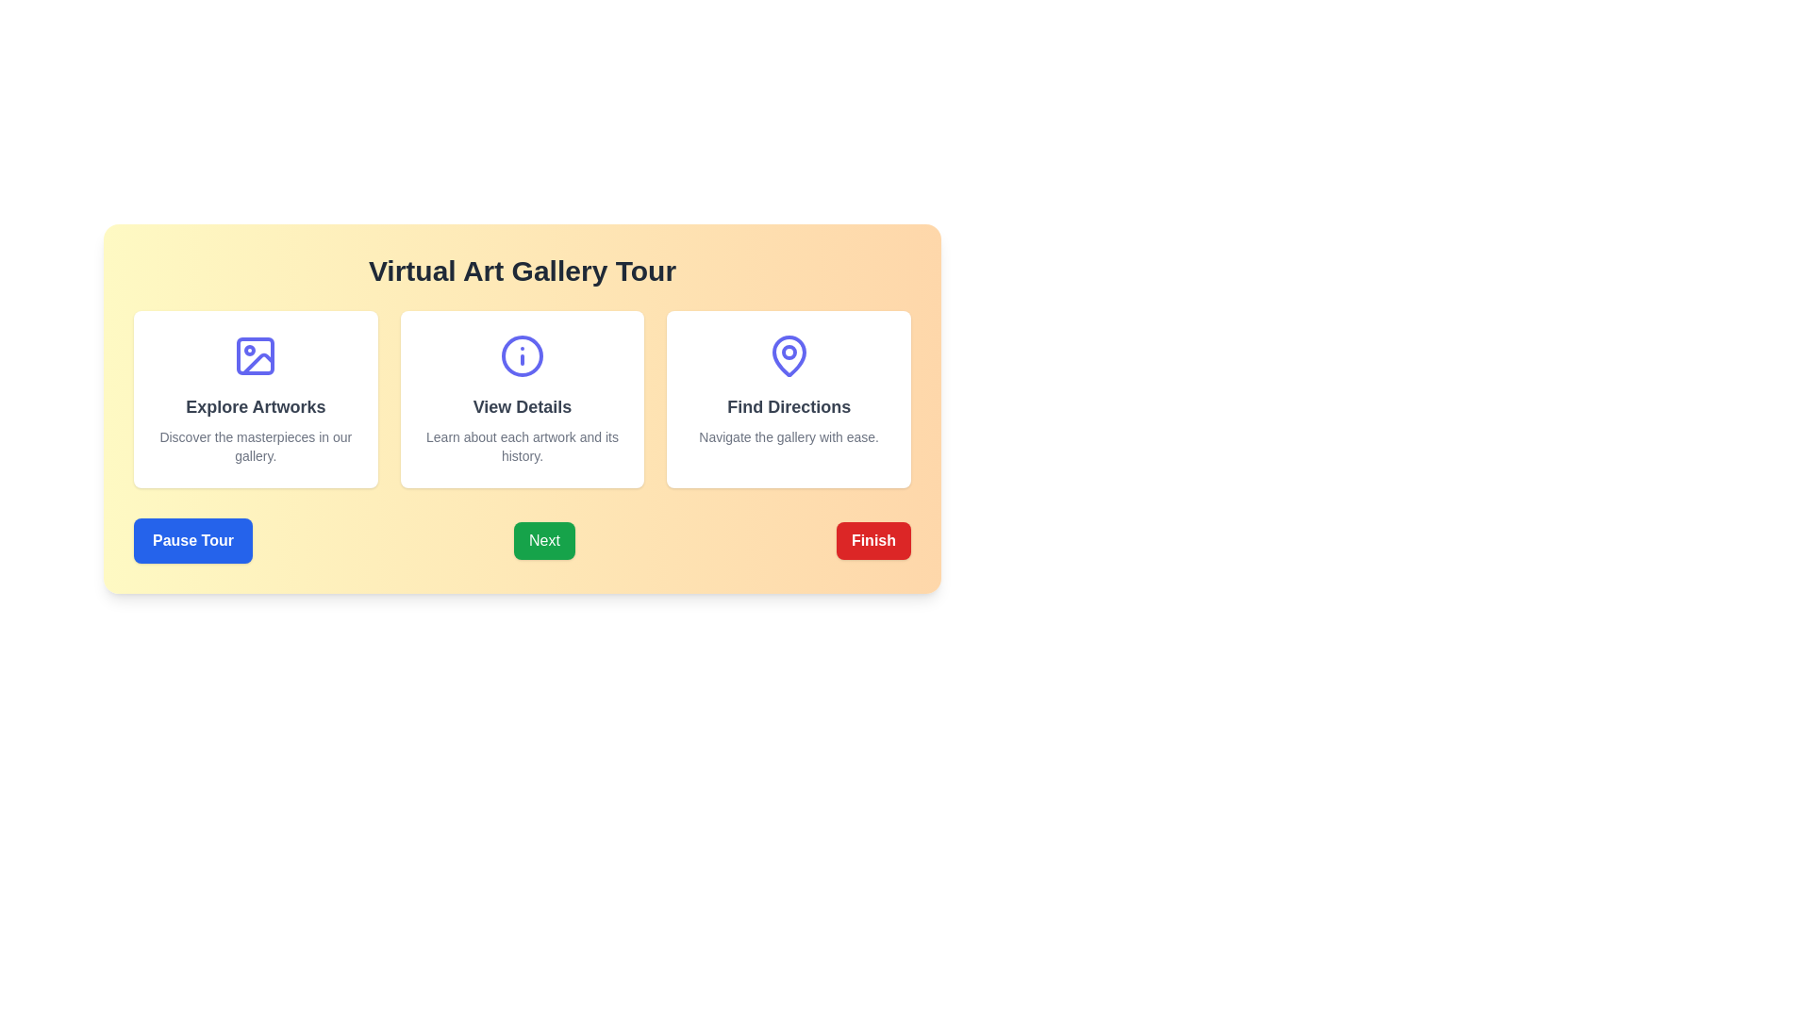 This screenshot has width=1811, height=1018. What do you see at coordinates (522, 541) in the screenshot?
I see `the 'Next' button, which is a green button with white text` at bounding box center [522, 541].